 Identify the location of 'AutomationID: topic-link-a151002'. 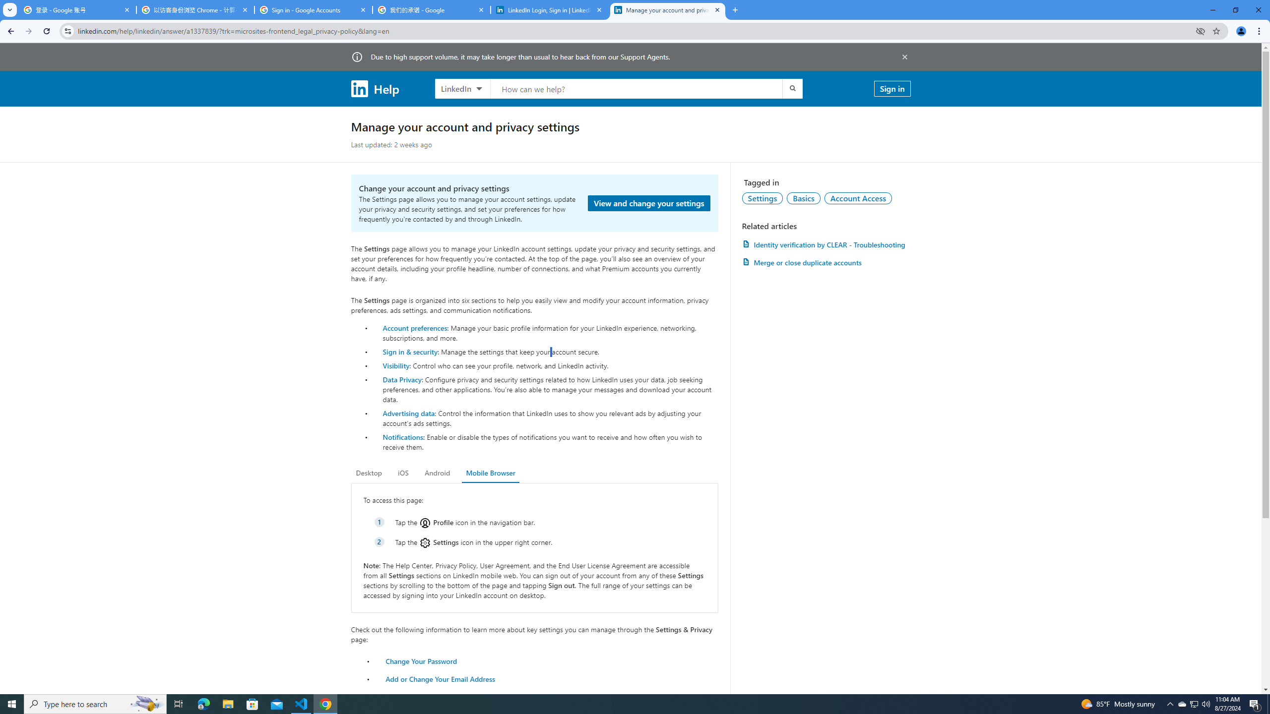
(858, 197).